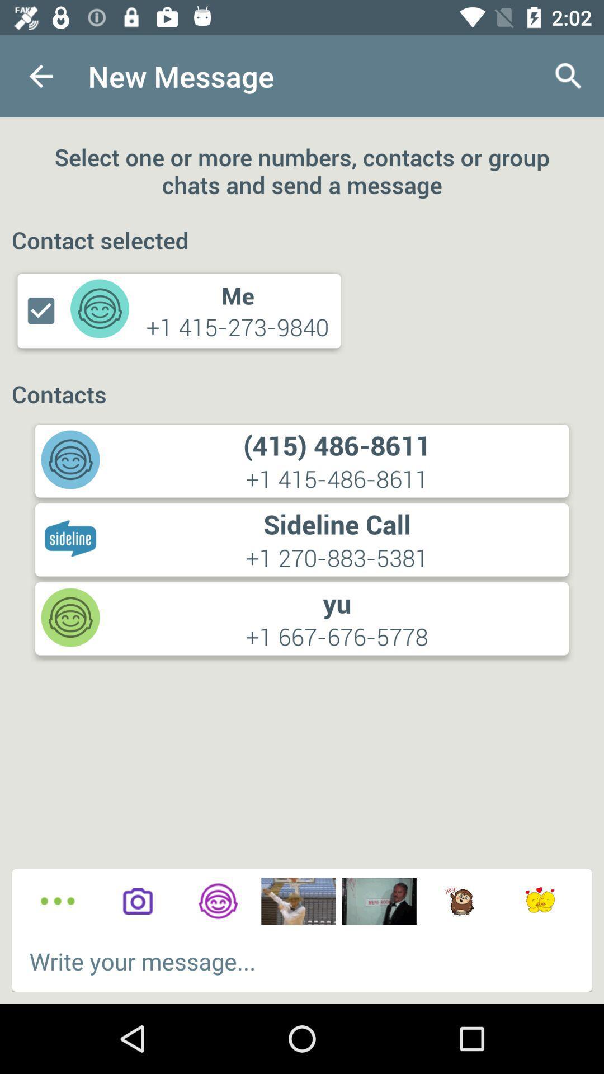  What do you see at coordinates (218, 901) in the screenshot?
I see `the icon below 1 667 676 icon` at bounding box center [218, 901].